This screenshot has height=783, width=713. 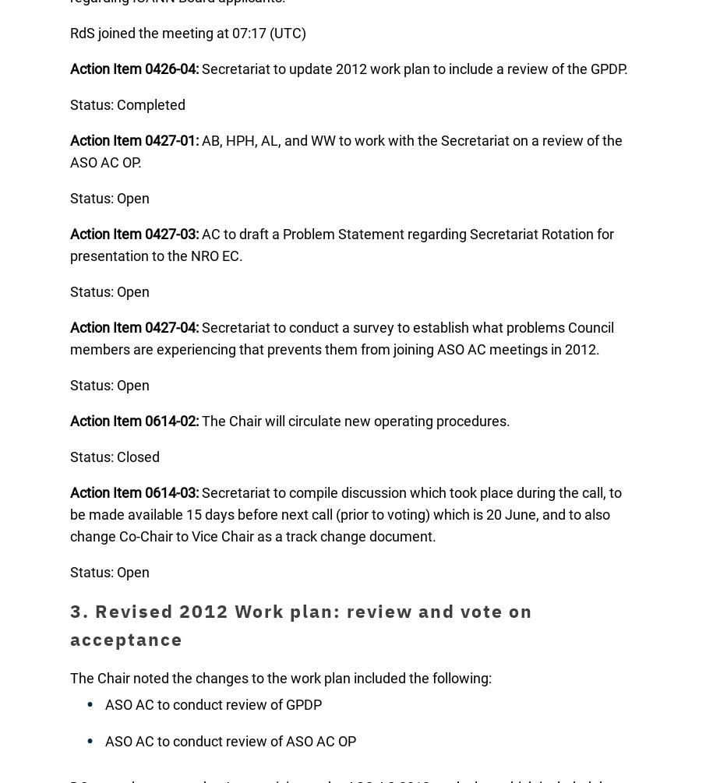 I want to click on 'RdS joined the meeting at 07:17 (UTC)', so click(x=188, y=33).